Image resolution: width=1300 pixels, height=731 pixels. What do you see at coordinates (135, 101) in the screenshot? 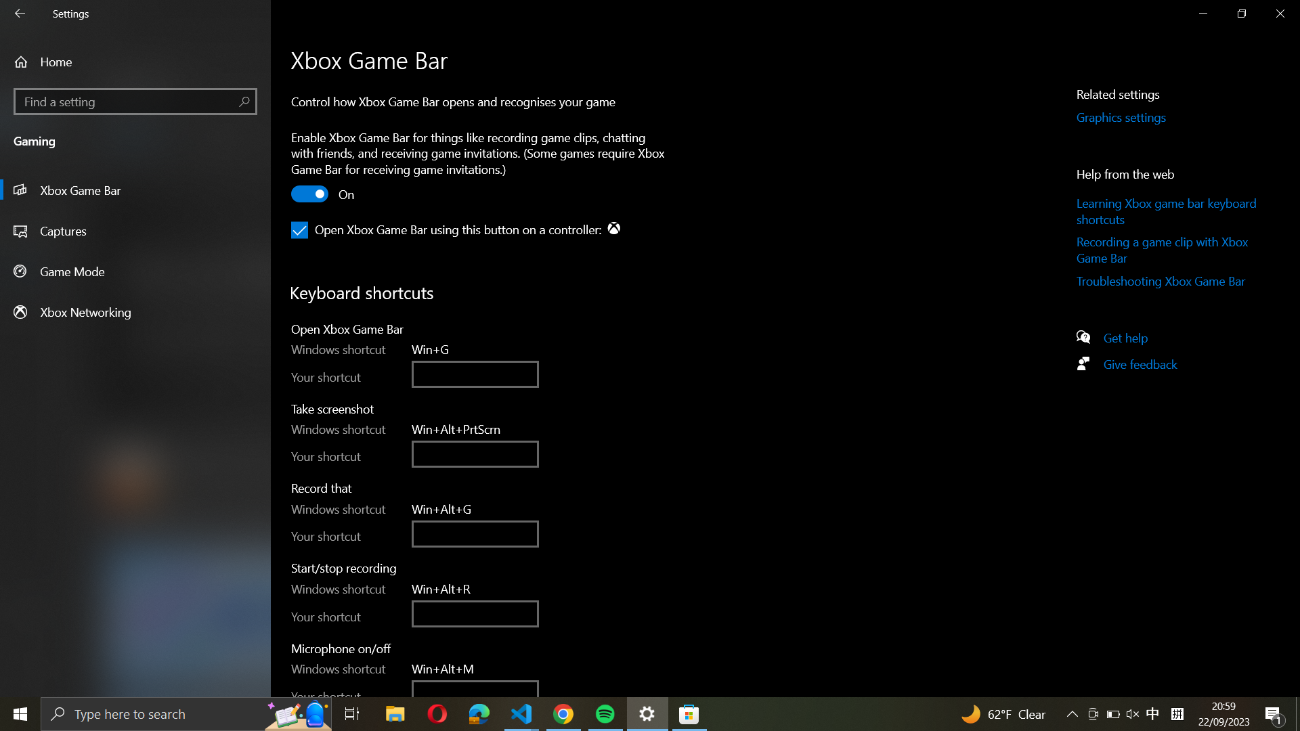
I see `the "Find a setting" page` at bounding box center [135, 101].